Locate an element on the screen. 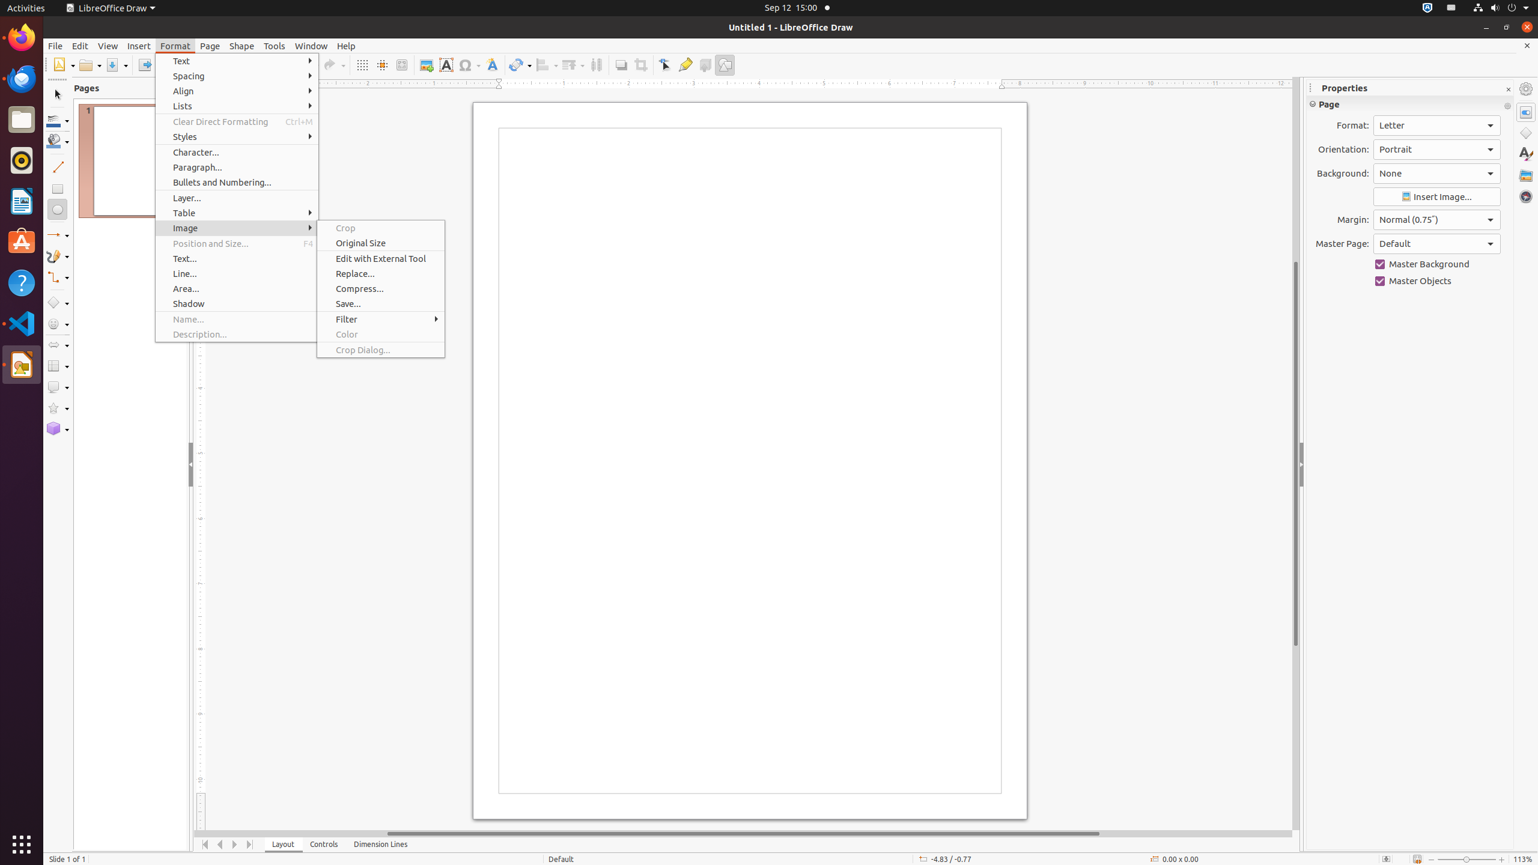 The image size is (1538, 865). 'Distribution' is located at coordinates (595, 64).